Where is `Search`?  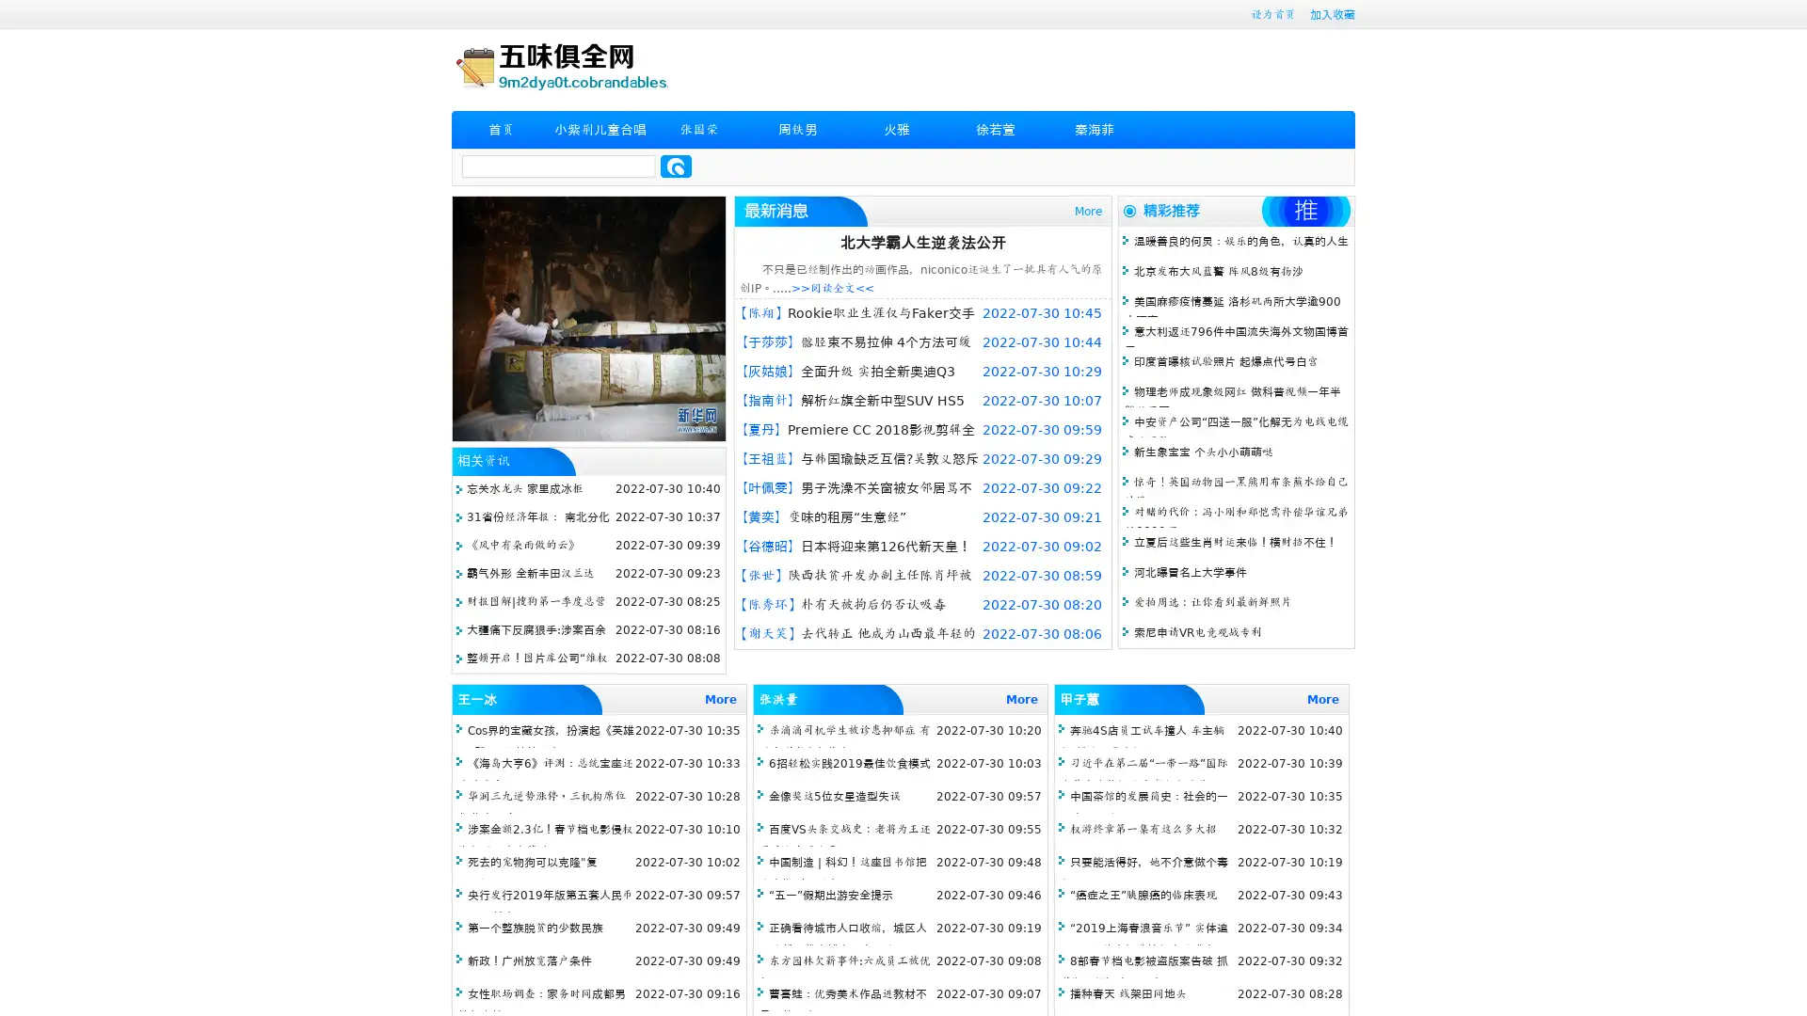
Search is located at coordinates (676, 166).